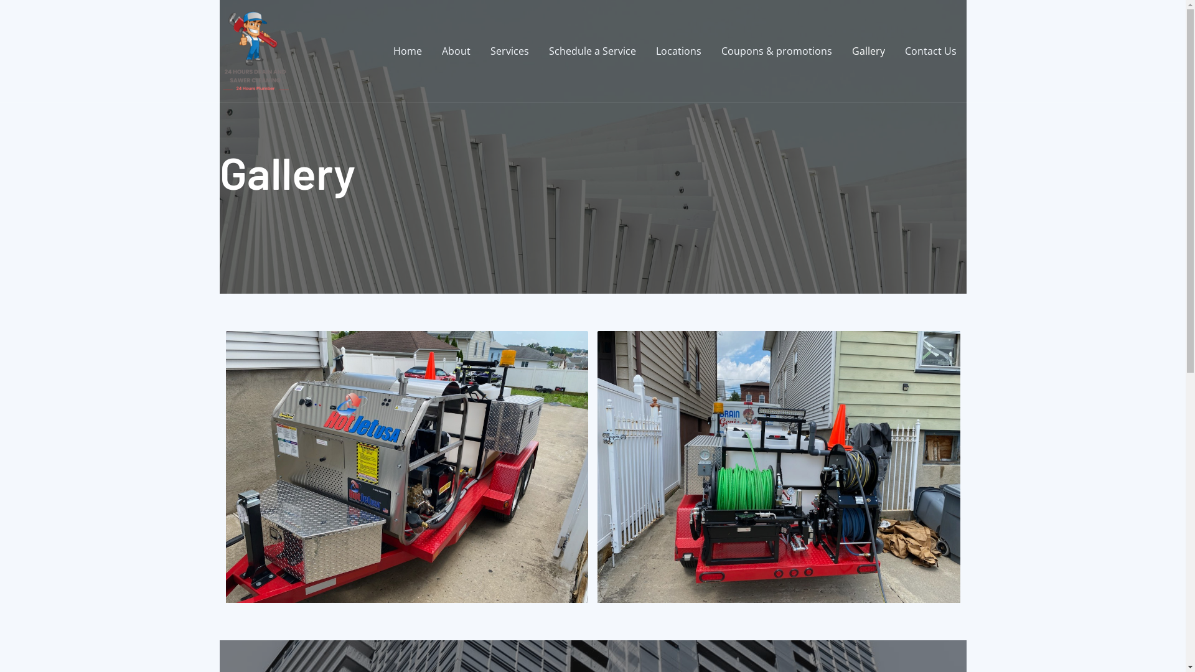 The height and width of the screenshot is (672, 1195). What do you see at coordinates (930, 50) in the screenshot?
I see `'Contact Us'` at bounding box center [930, 50].